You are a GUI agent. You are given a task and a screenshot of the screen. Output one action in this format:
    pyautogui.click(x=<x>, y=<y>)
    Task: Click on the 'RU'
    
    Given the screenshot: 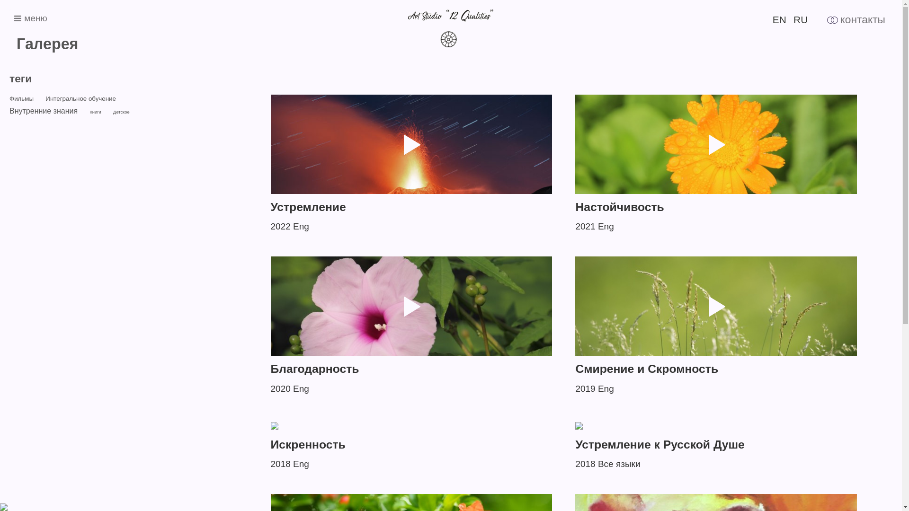 What is the action you would take?
    pyautogui.click(x=793, y=19)
    